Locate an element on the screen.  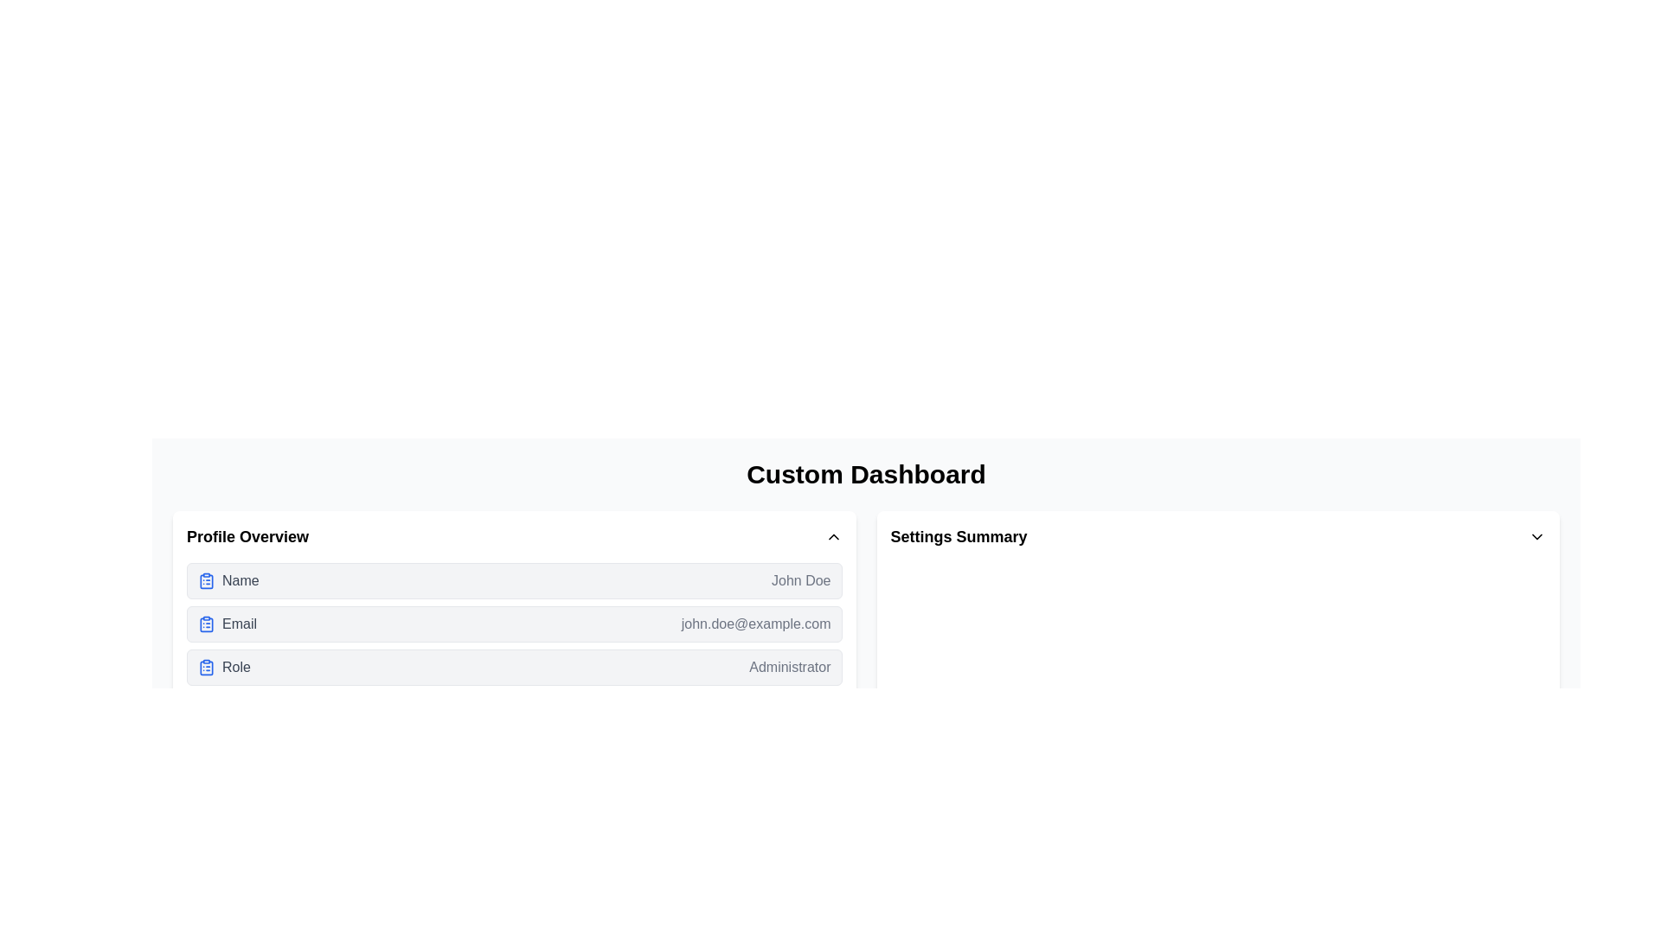
the Information Section, which is a rectangular area with a white background and rounded corners located below the 'Custom Dashboard' title is located at coordinates (513, 604).